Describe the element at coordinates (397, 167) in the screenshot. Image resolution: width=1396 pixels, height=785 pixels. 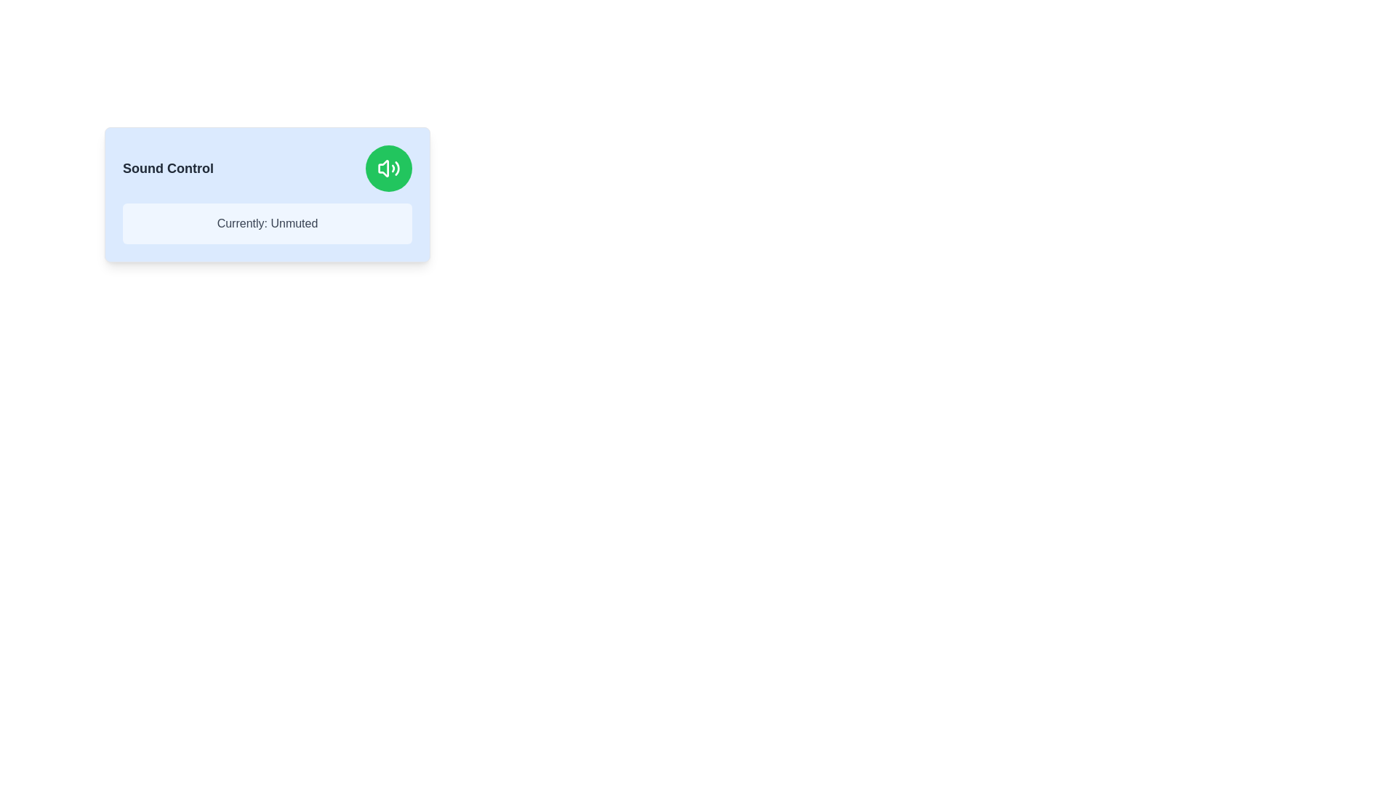
I see `the outermost sound wave arc within the sound control icon located at the top right corner of the 'Sound Control' card` at that location.